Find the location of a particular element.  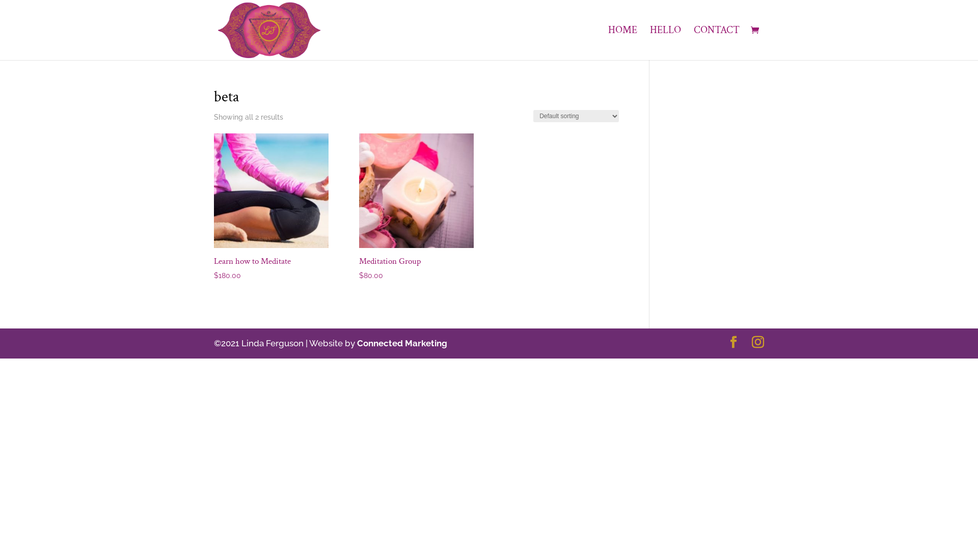

'HELLO' is located at coordinates (665, 42).